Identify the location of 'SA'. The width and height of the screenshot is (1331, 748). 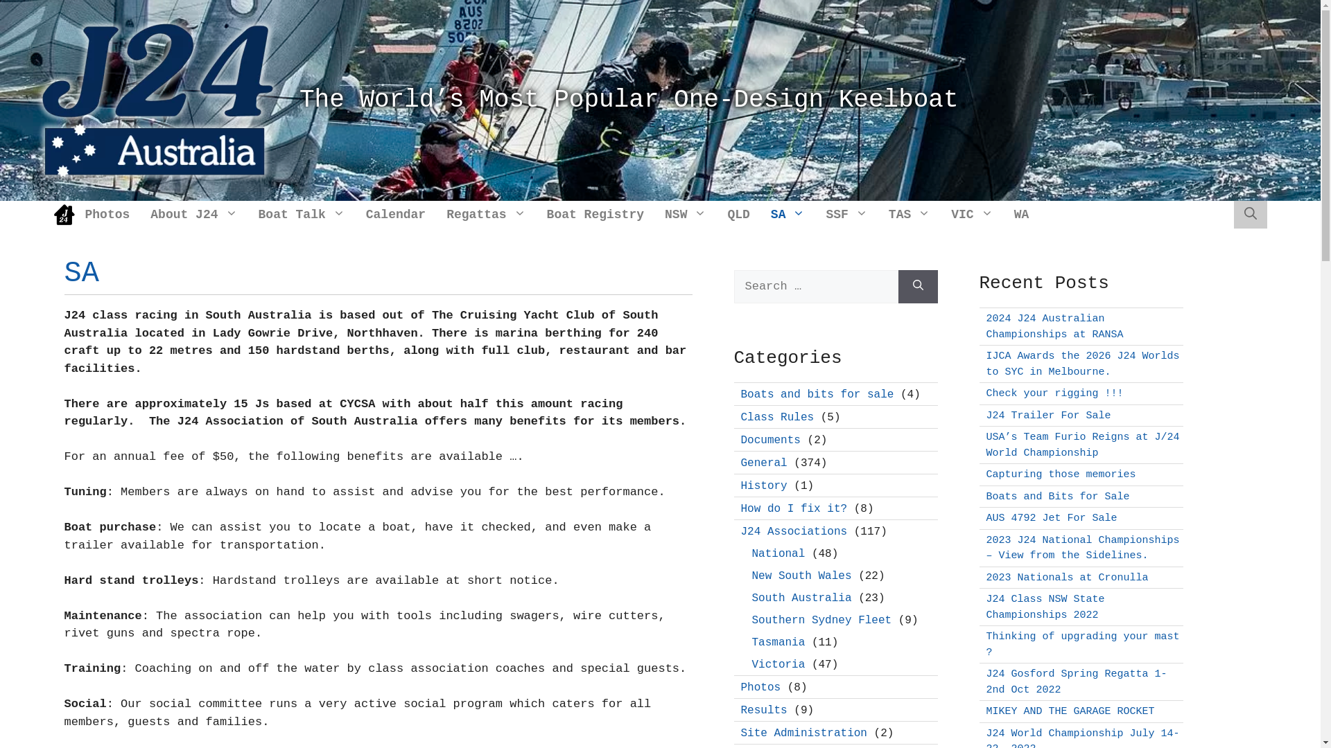
(788, 214).